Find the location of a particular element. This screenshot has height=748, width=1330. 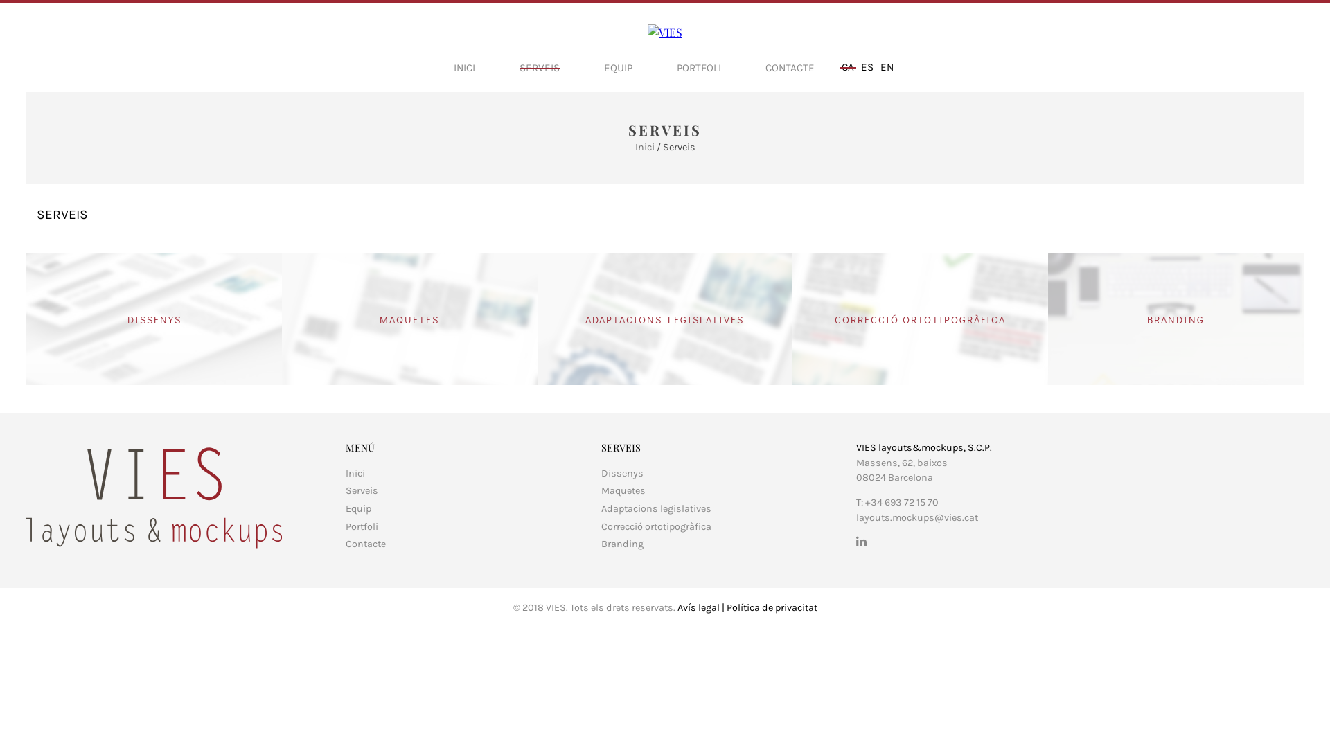

'Inici' is located at coordinates (634, 147).